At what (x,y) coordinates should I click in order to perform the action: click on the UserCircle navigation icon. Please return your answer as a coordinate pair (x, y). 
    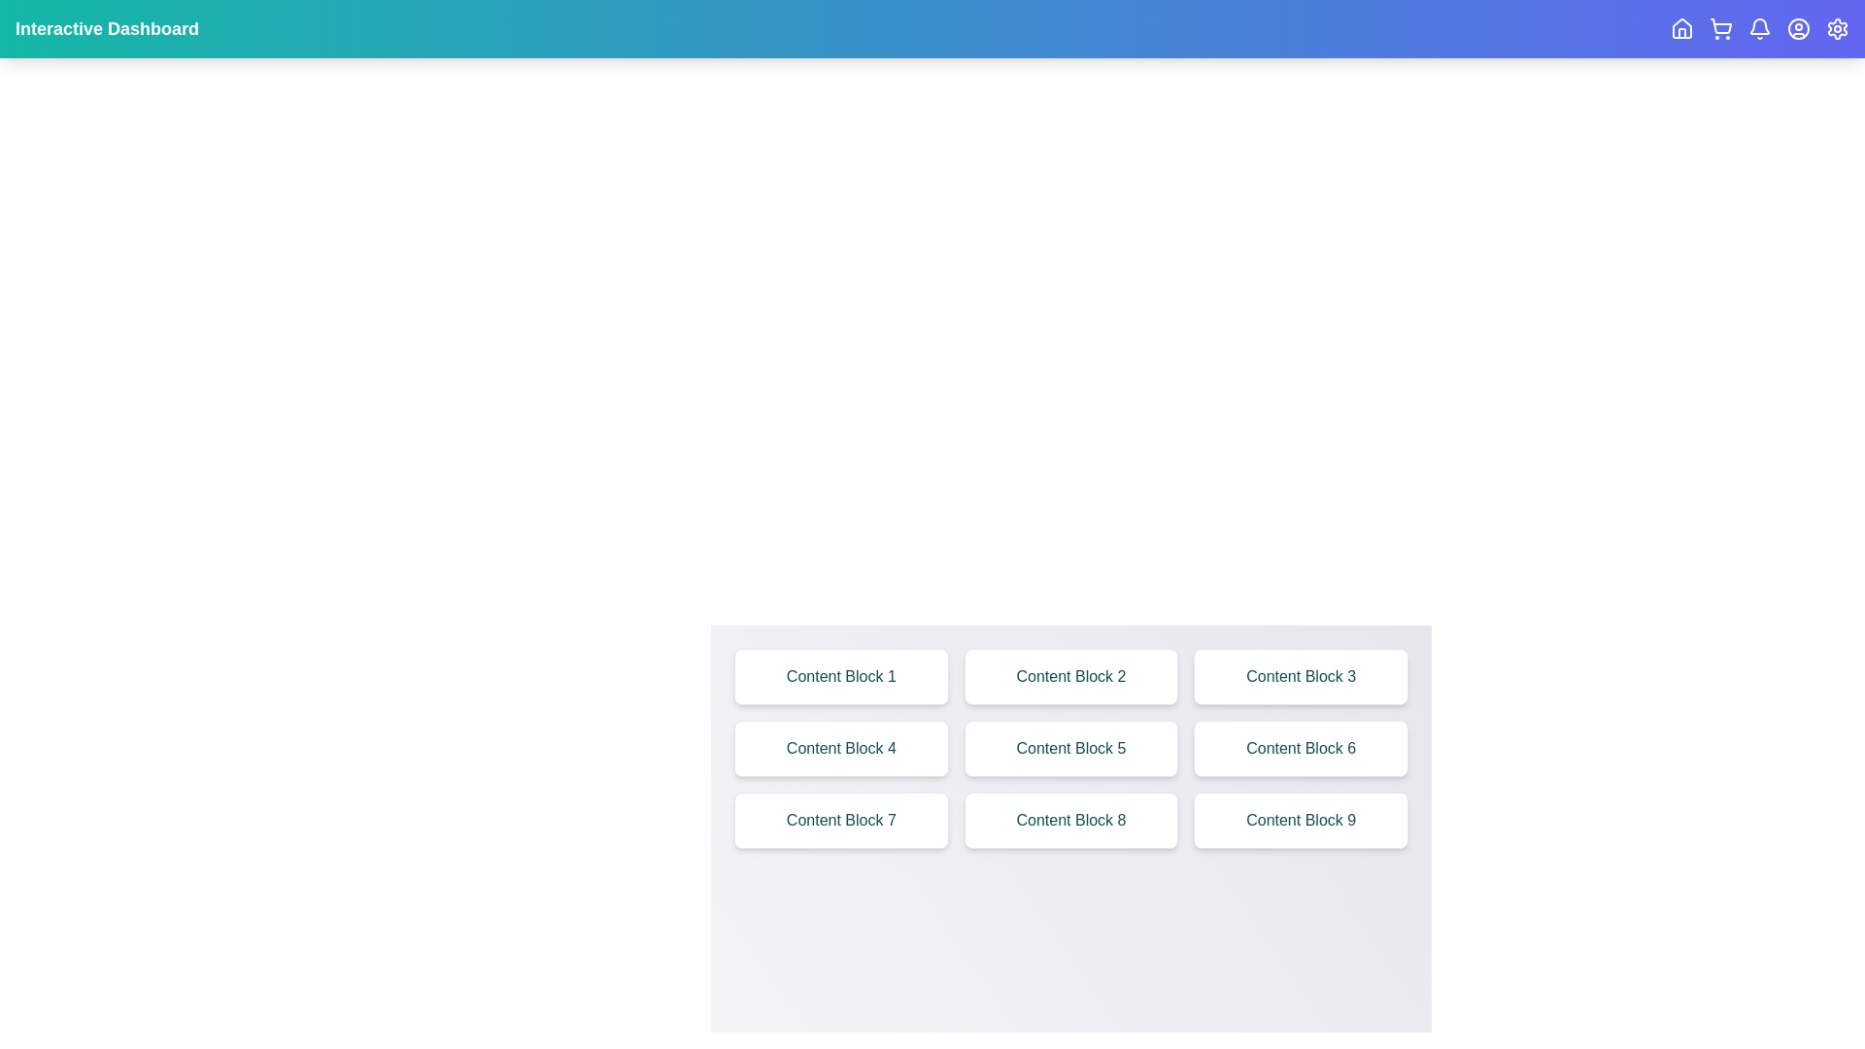
    Looking at the image, I should click on (1798, 29).